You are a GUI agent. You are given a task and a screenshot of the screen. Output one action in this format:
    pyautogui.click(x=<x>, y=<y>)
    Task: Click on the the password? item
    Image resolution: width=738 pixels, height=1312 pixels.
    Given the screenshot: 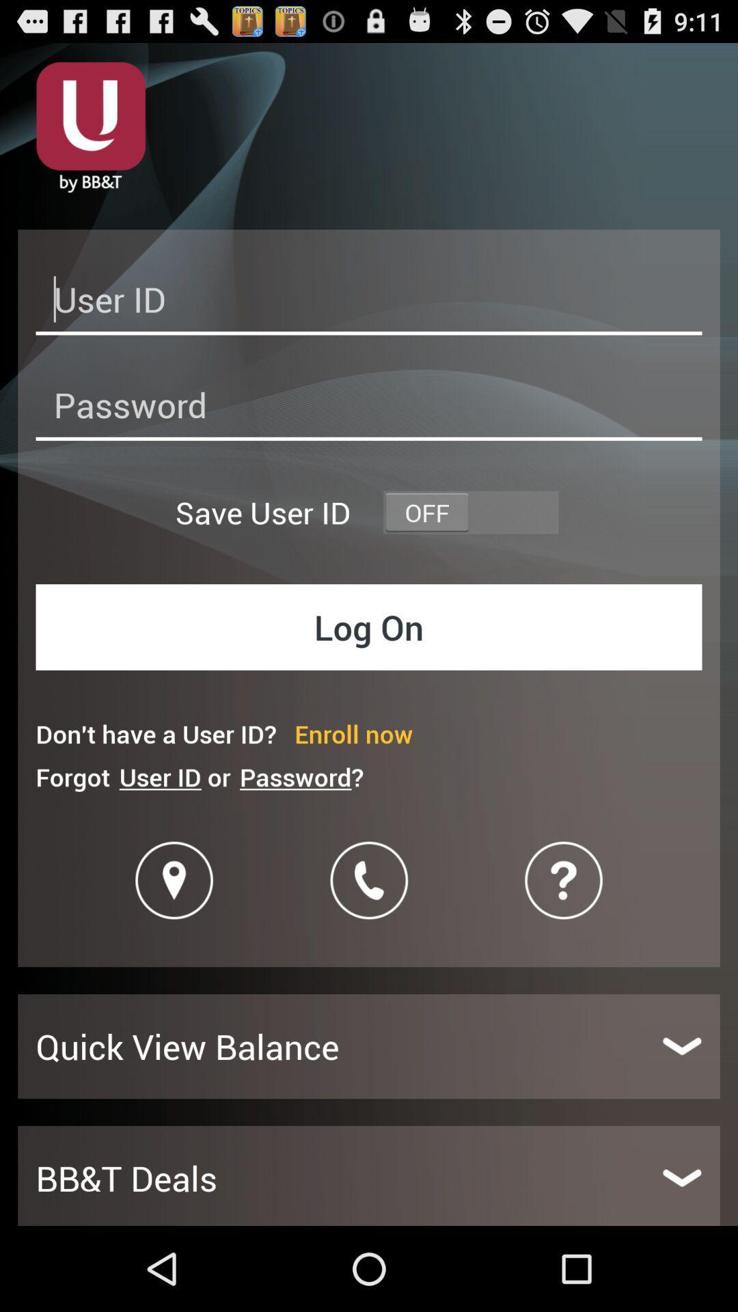 What is the action you would take?
    pyautogui.click(x=301, y=777)
    